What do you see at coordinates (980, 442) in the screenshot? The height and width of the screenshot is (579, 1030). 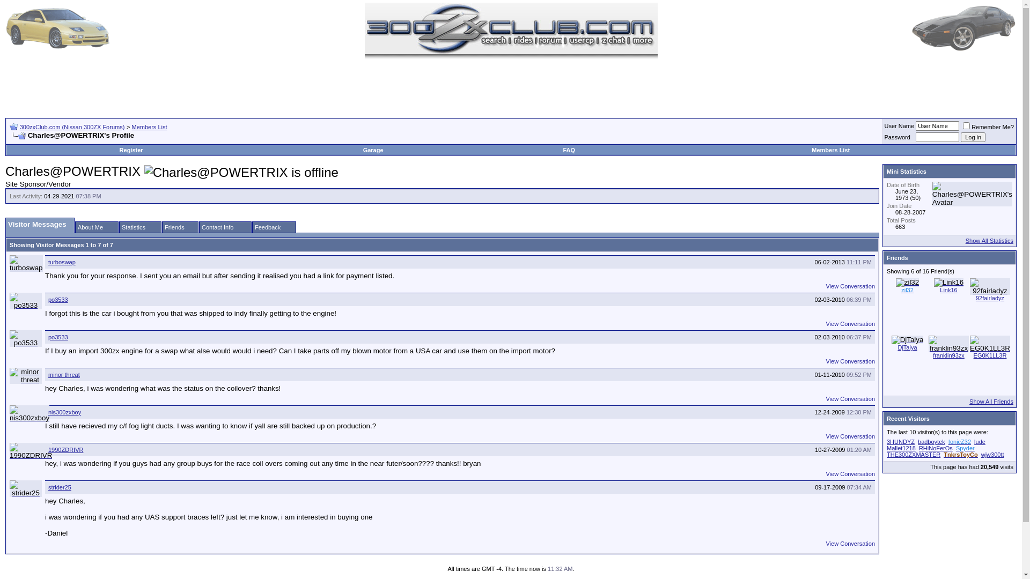 I see `'lude'` at bounding box center [980, 442].